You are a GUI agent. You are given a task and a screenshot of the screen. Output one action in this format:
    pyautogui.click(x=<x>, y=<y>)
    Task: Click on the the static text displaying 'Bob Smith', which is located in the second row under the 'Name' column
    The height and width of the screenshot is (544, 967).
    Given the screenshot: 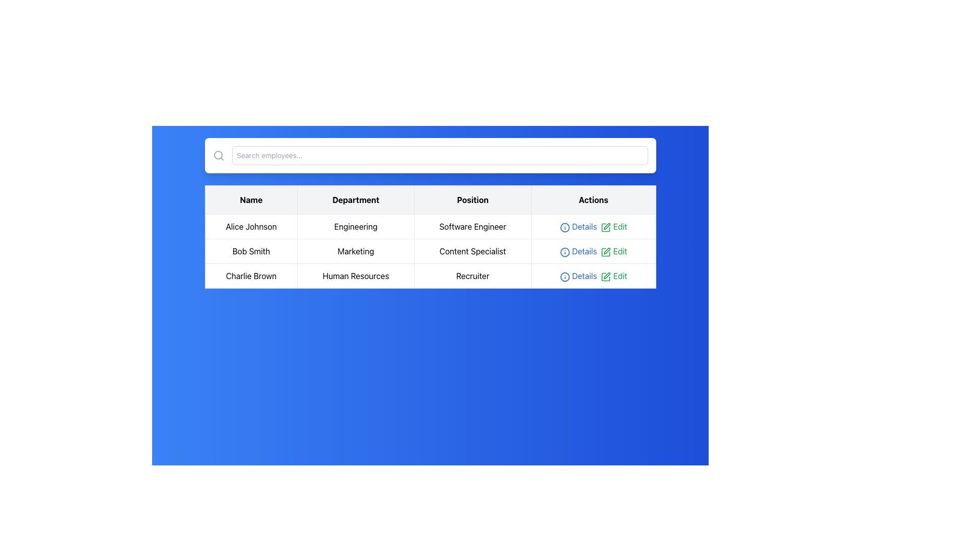 What is the action you would take?
    pyautogui.click(x=251, y=250)
    